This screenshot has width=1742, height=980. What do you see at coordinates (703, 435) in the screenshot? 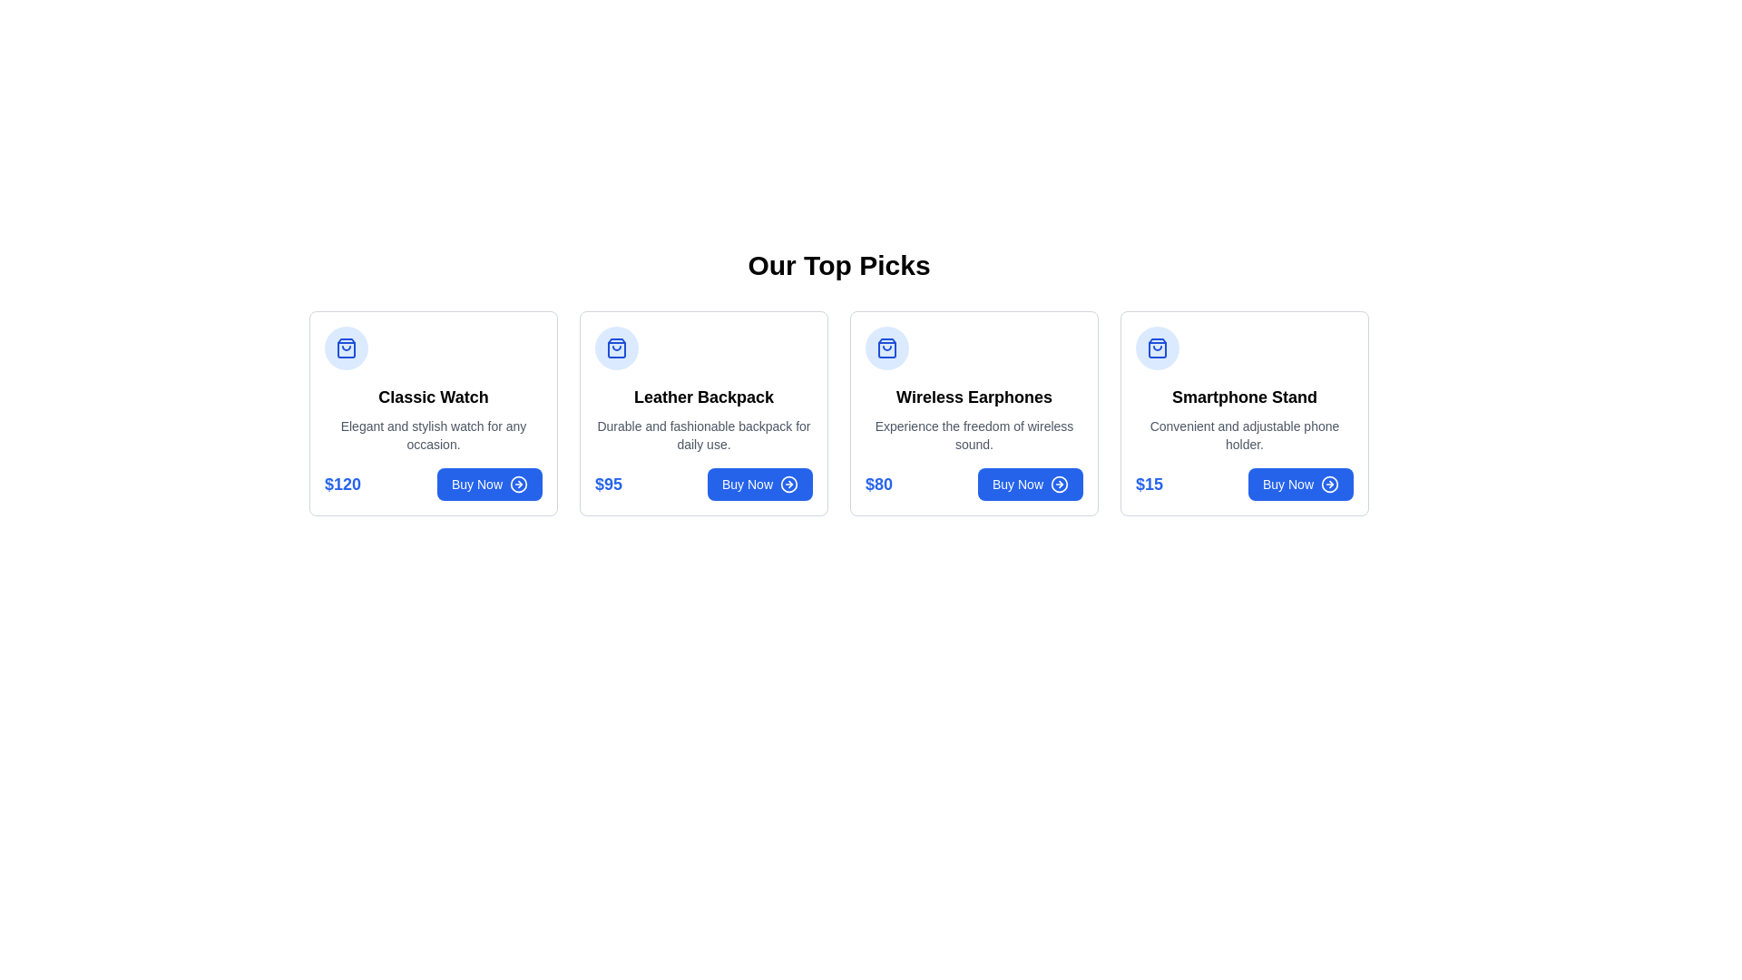
I see `text content displayed in the textual element showing 'Durable and fashionable backpack for daily use.' located below the title 'Leather Backpack' and above the price section` at bounding box center [703, 435].